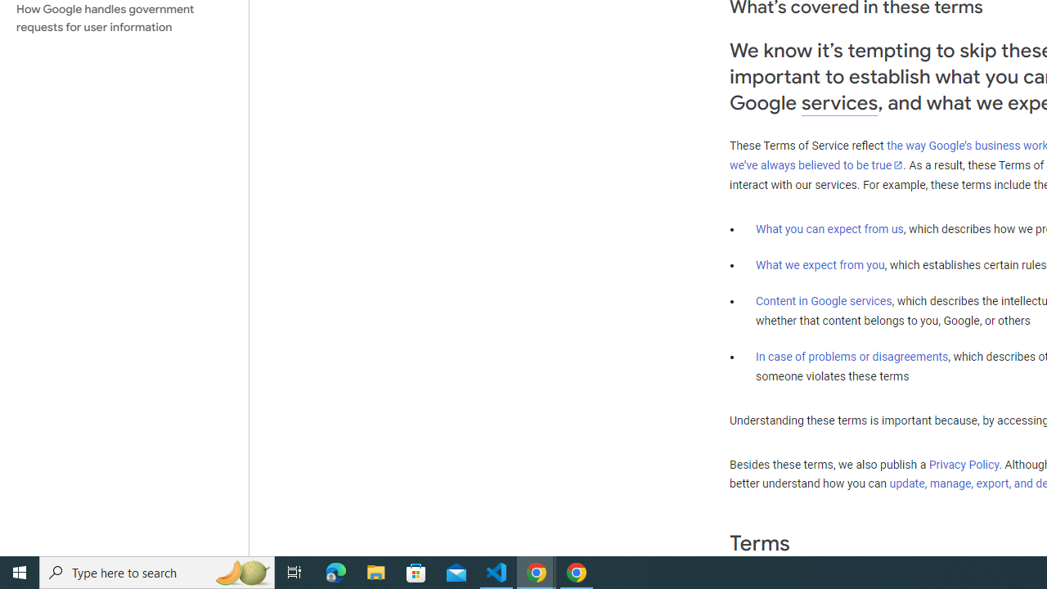 The height and width of the screenshot is (589, 1047). What do you see at coordinates (851, 355) in the screenshot?
I see `'In case of problems or disagreements'` at bounding box center [851, 355].